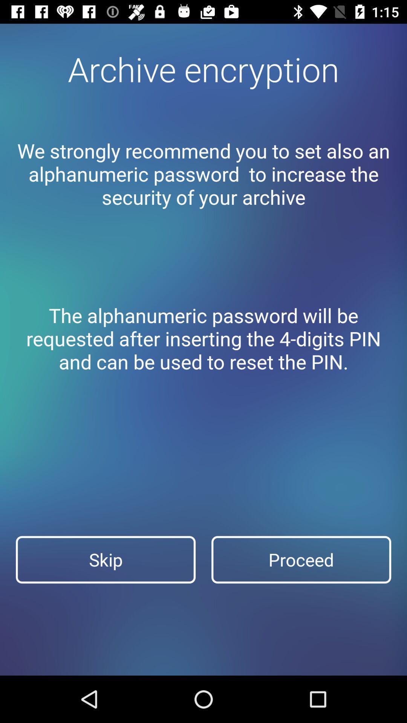 This screenshot has height=723, width=407. What do you see at coordinates (301, 560) in the screenshot?
I see `the item to the right of the skip icon` at bounding box center [301, 560].